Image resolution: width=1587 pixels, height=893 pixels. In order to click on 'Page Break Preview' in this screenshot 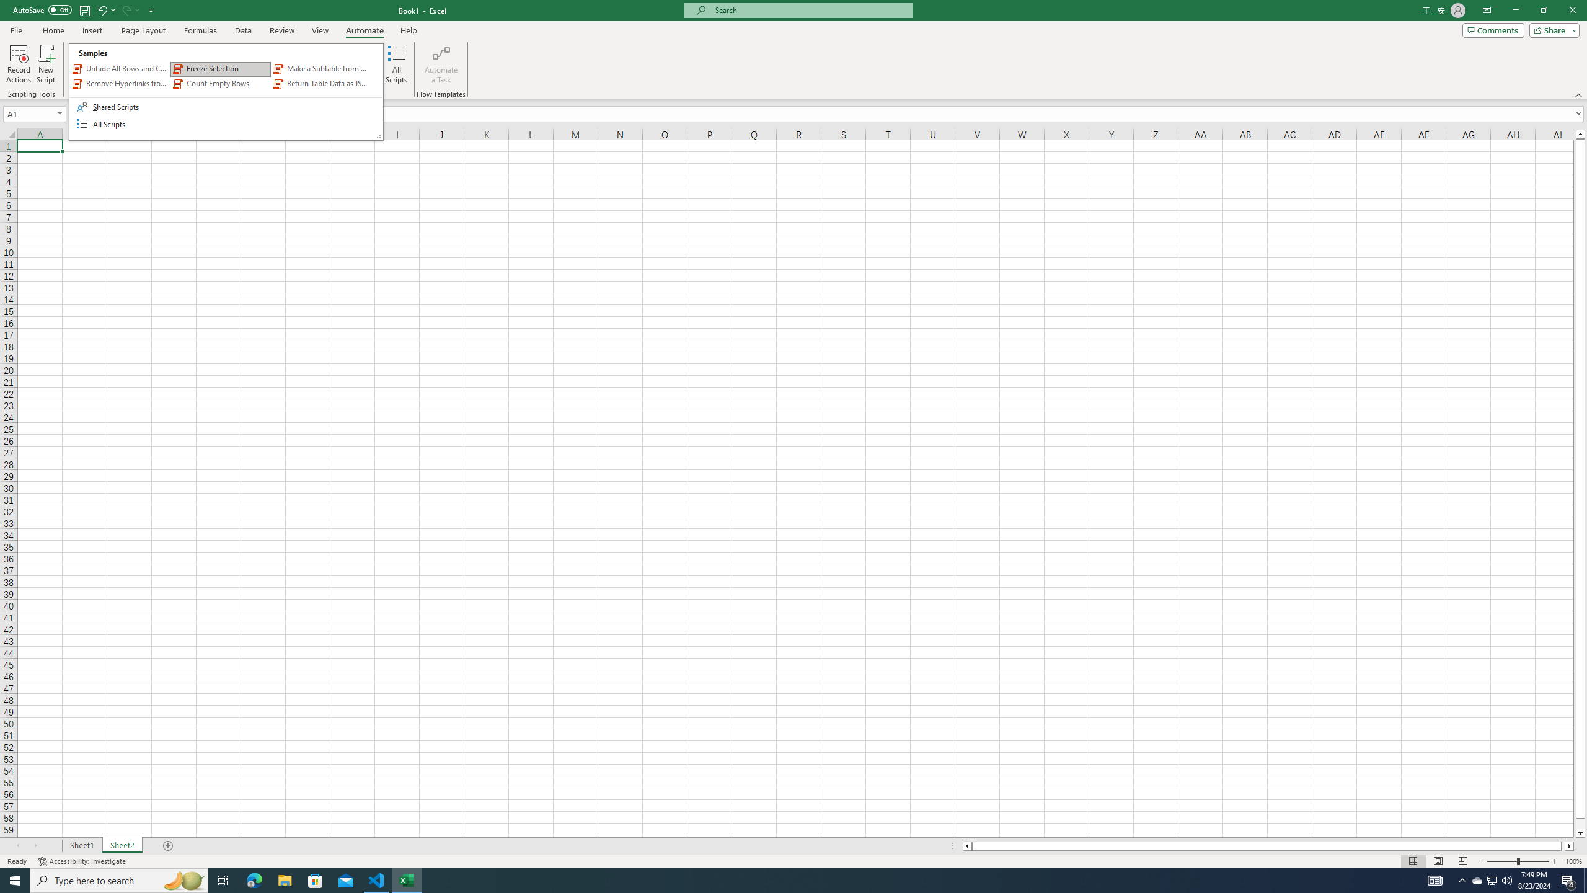, I will do `click(1463, 861)`.